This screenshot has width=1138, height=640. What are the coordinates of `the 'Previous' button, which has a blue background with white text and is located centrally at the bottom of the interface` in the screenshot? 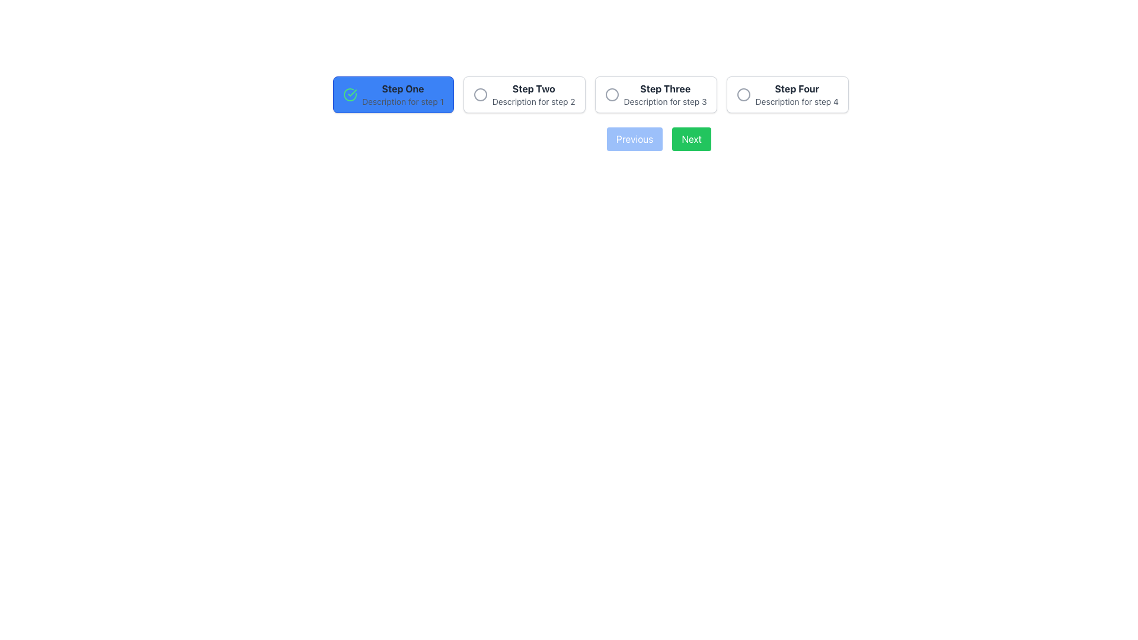 It's located at (634, 139).